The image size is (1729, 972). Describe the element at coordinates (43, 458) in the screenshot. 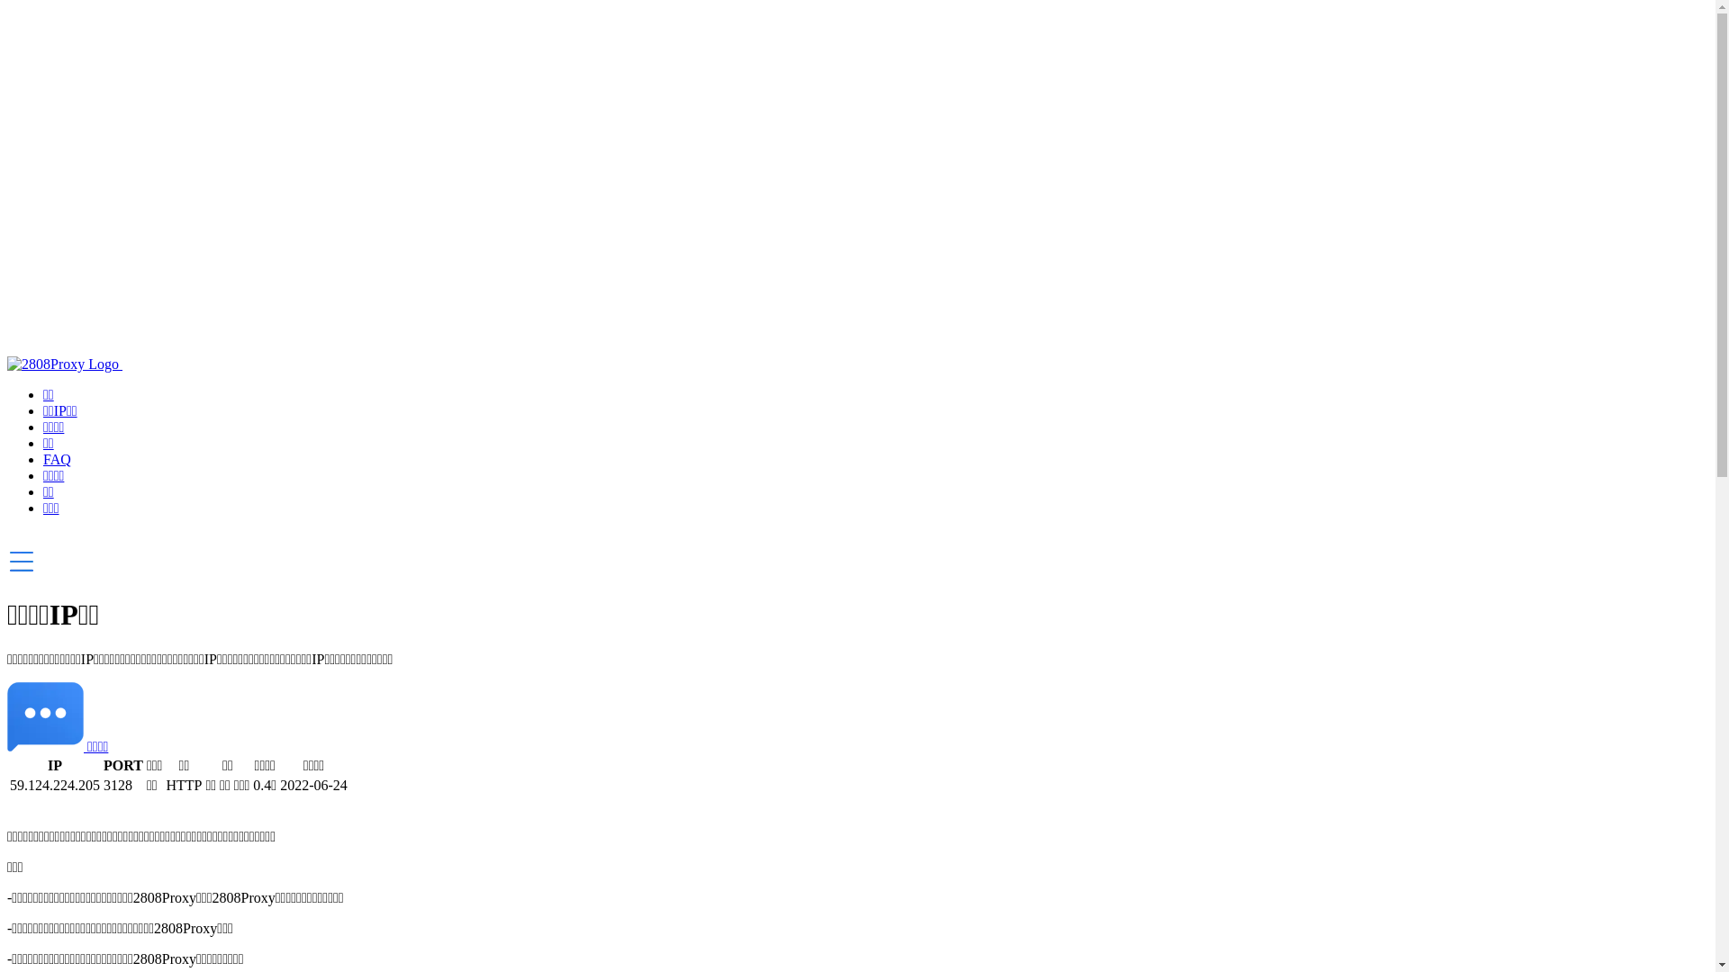

I see `'FAQ'` at that location.